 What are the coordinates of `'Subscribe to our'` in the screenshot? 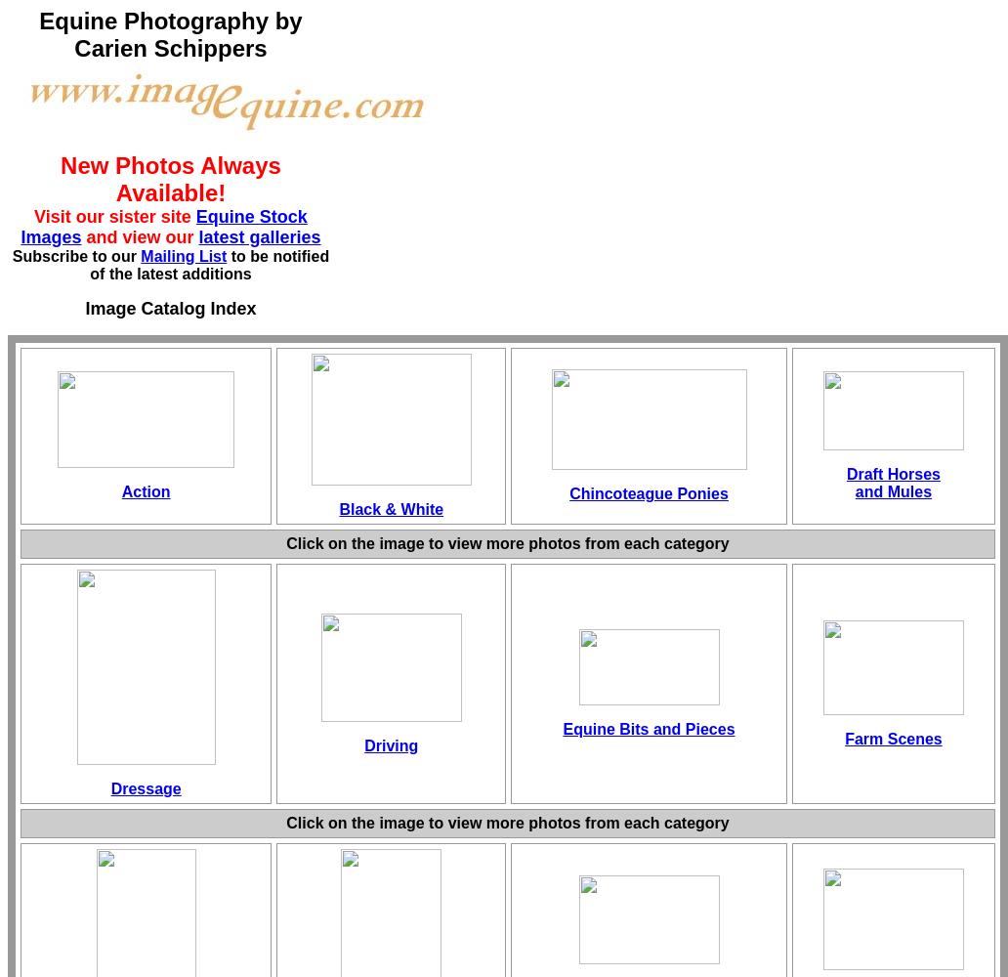 It's located at (76, 256).